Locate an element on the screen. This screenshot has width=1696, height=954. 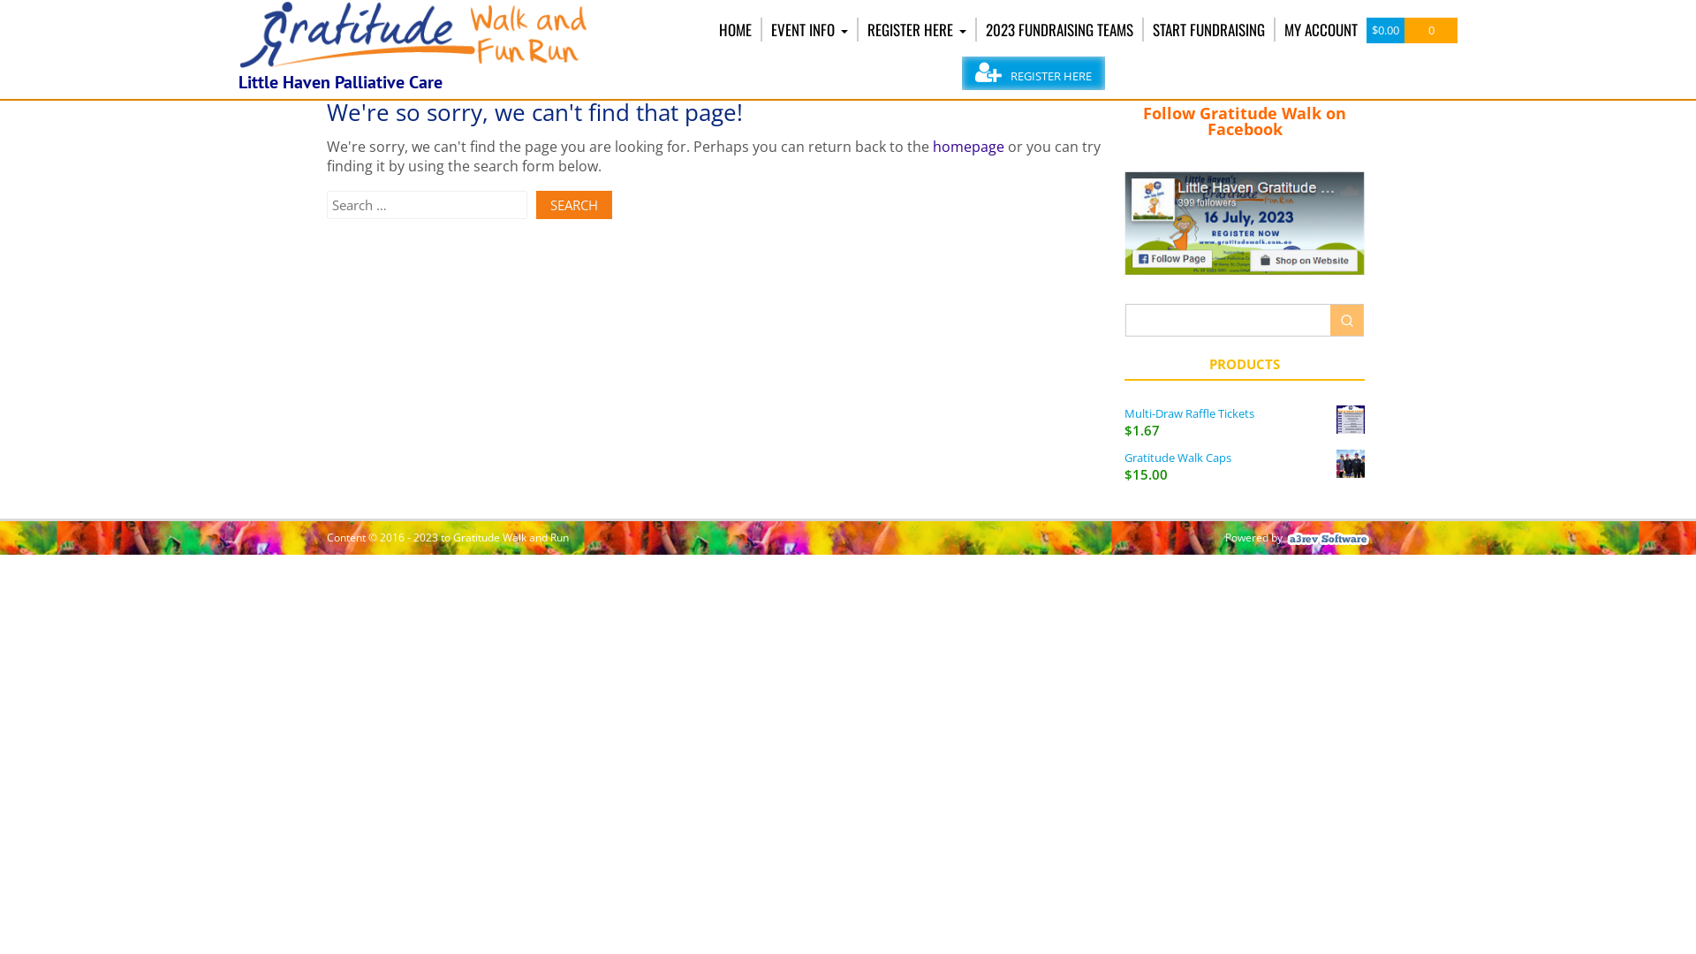
'Search' is located at coordinates (573, 203).